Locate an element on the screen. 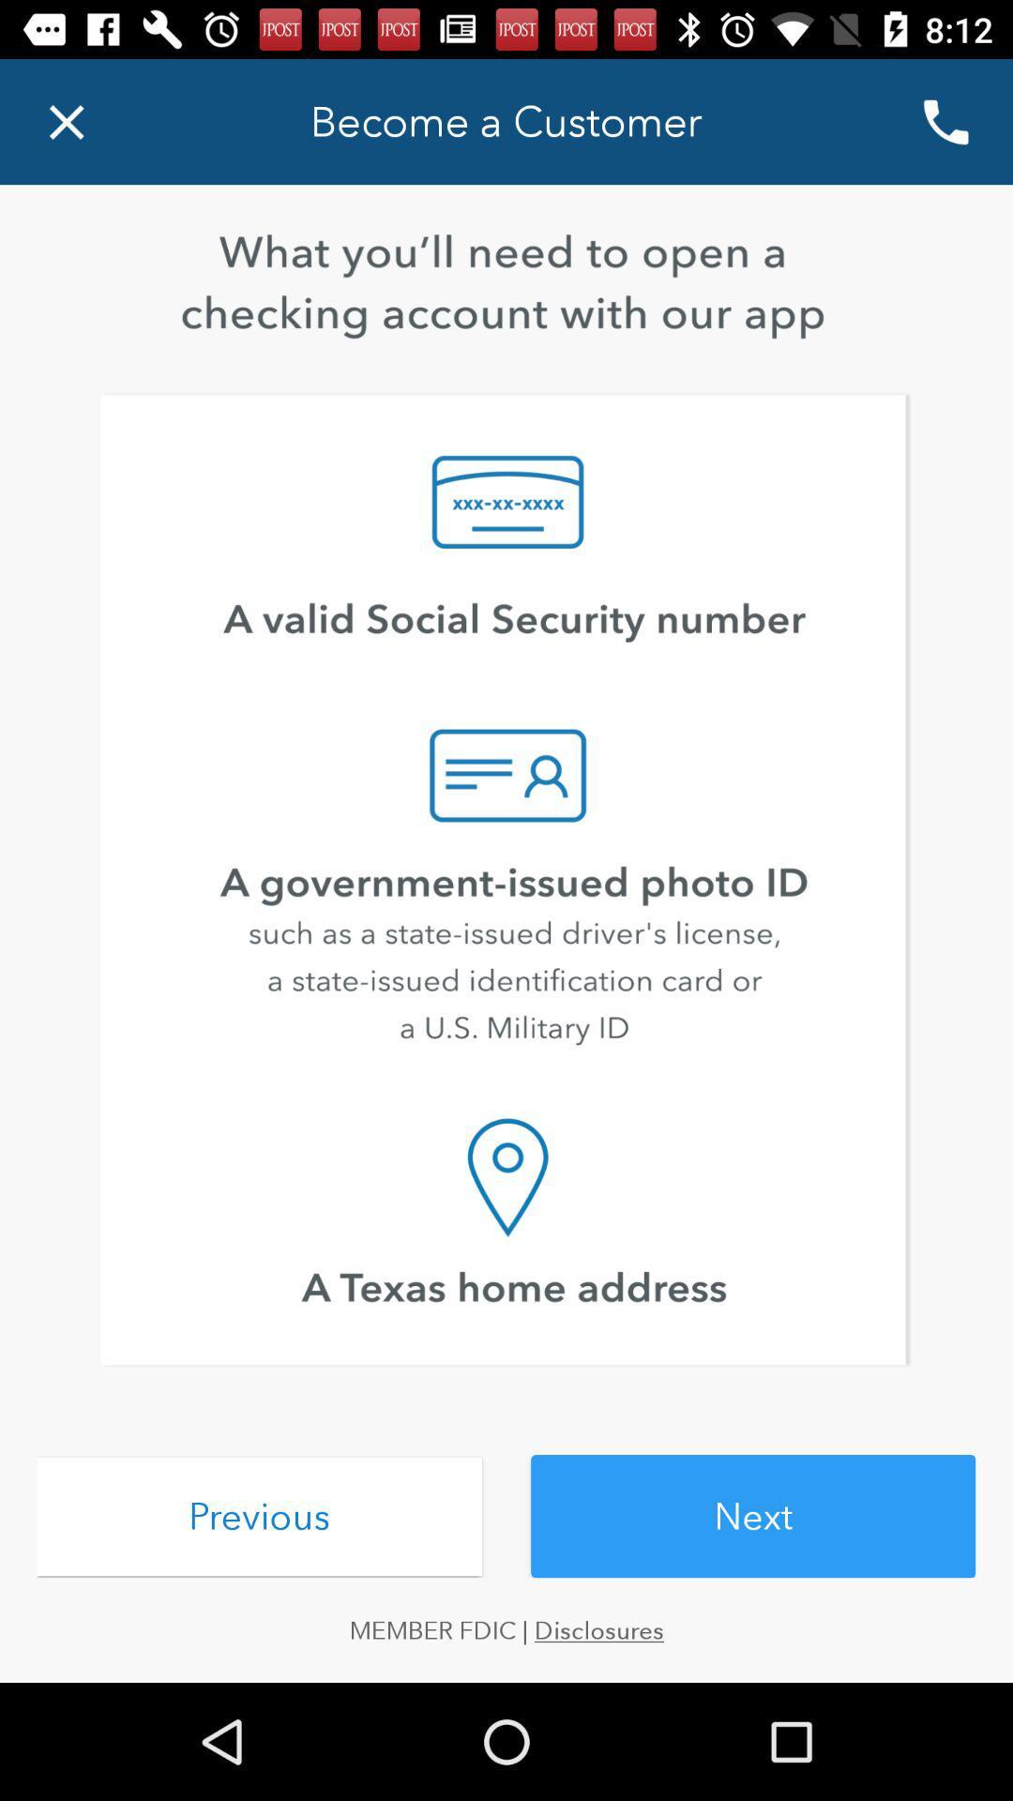  icon next to previous item is located at coordinates (752, 1516).